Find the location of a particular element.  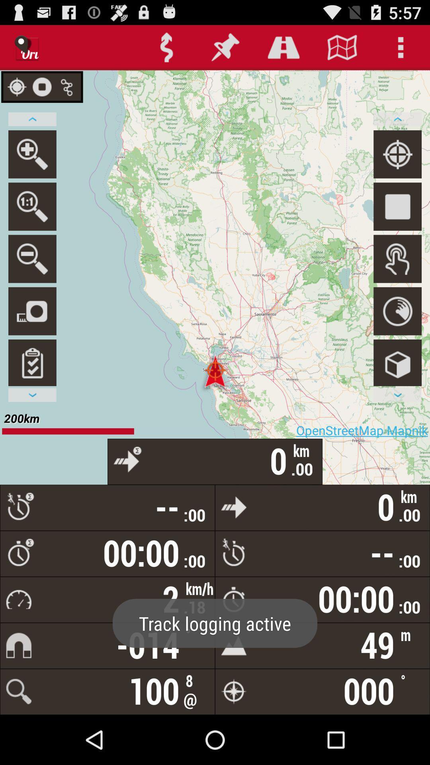

the search icon is located at coordinates (32, 221).